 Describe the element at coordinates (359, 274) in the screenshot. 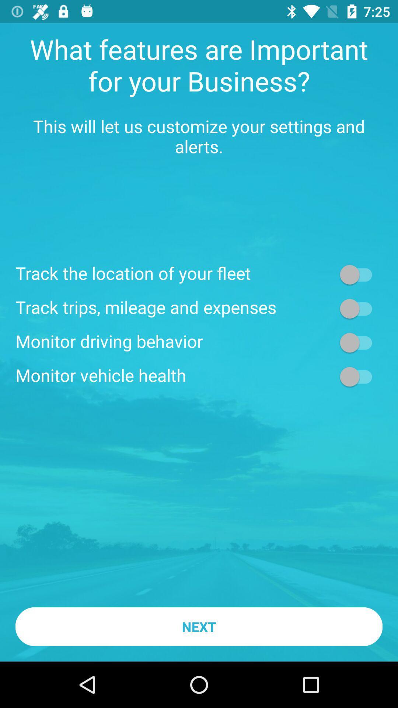

I see `open and close option` at that location.